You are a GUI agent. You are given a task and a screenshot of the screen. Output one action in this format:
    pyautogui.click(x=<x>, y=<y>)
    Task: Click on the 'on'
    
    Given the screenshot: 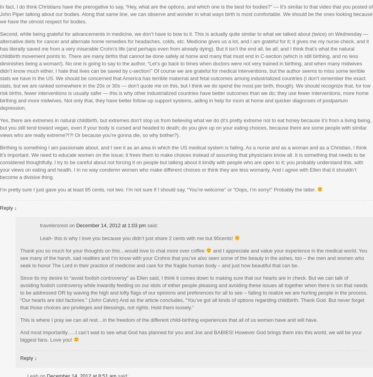 What is the action you would take?
    pyautogui.click(x=67, y=224)
    